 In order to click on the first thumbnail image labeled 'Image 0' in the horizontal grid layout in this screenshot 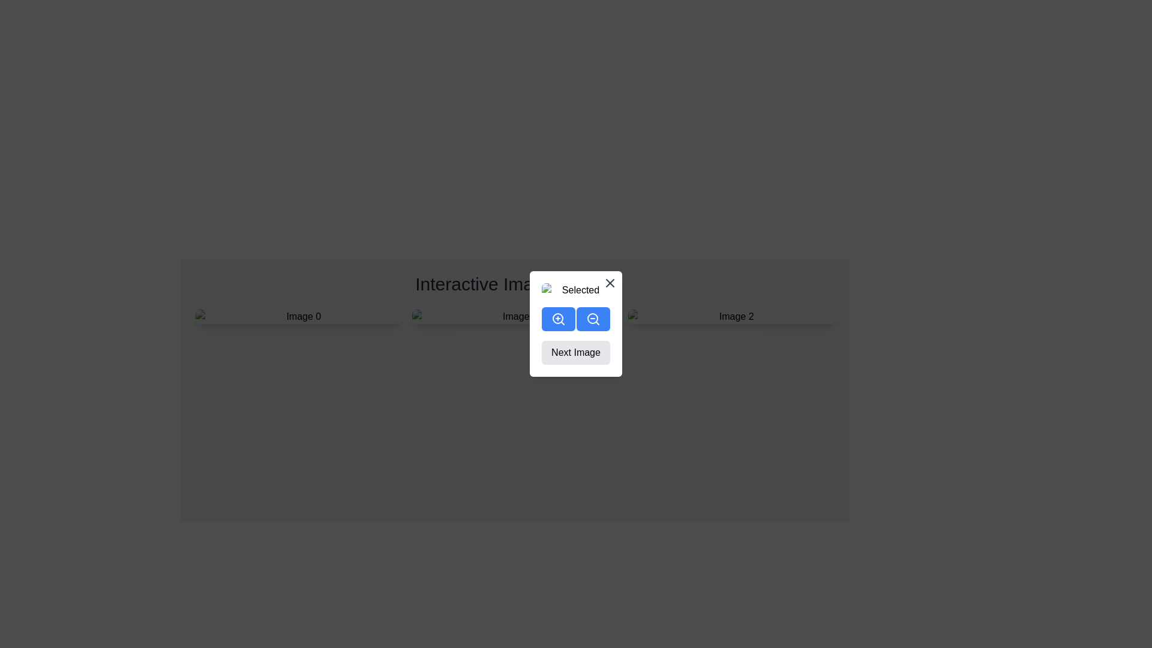, I will do `click(299, 316)`.